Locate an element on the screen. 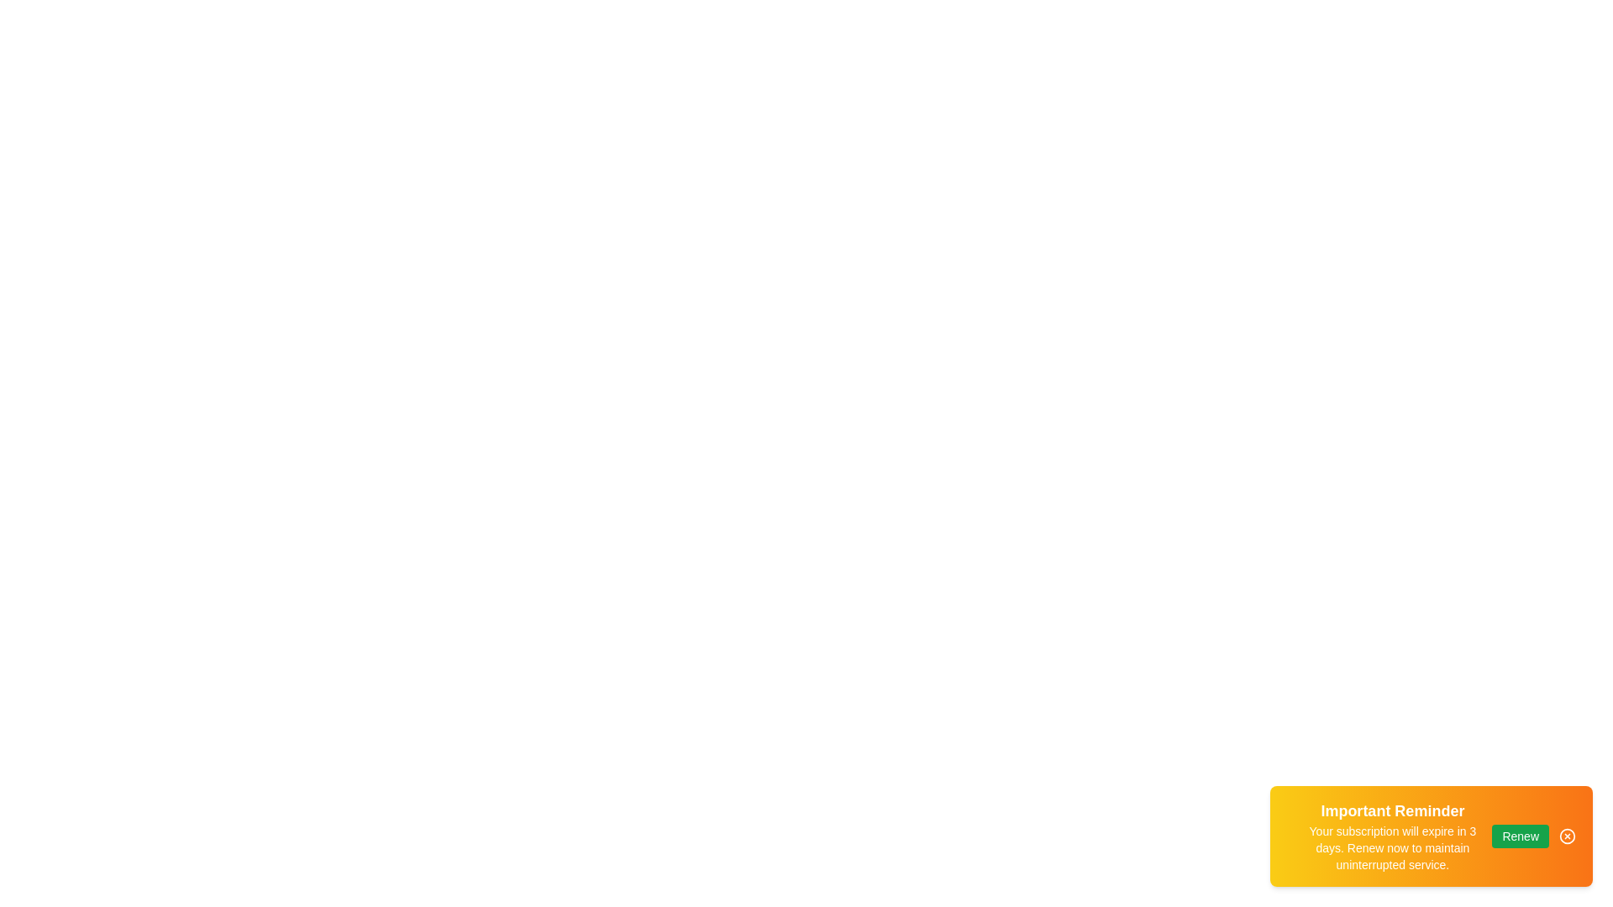 The height and width of the screenshot is (907, 1613). the 'Renew' button to renew the subscription is located at coordinates (1521, 836).